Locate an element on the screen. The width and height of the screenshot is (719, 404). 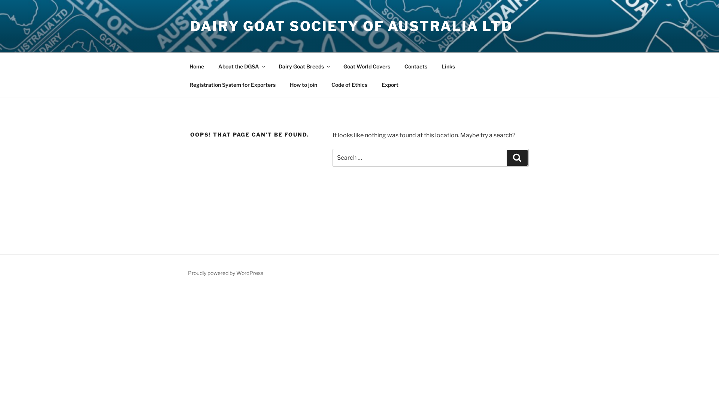
'Links' is located at coordinates (448, 65).